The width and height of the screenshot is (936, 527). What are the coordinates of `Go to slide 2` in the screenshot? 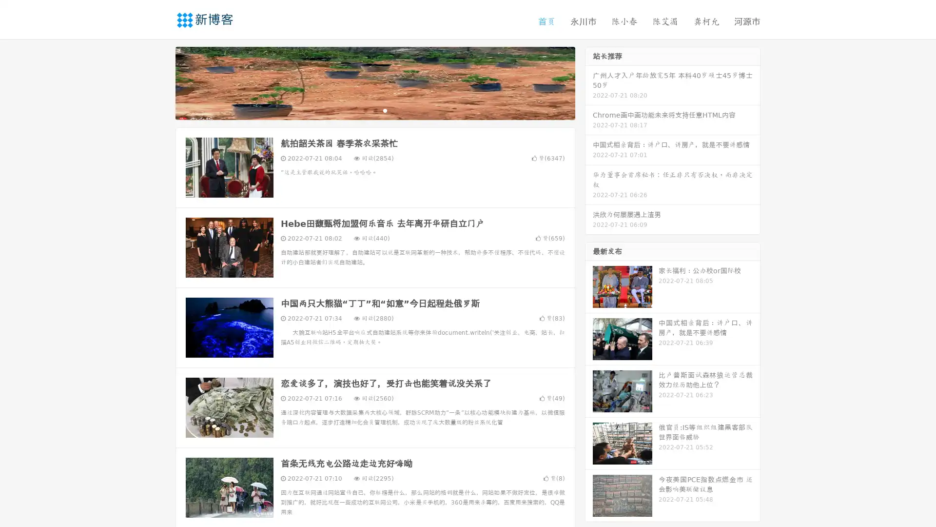 It's located at (374, 110).